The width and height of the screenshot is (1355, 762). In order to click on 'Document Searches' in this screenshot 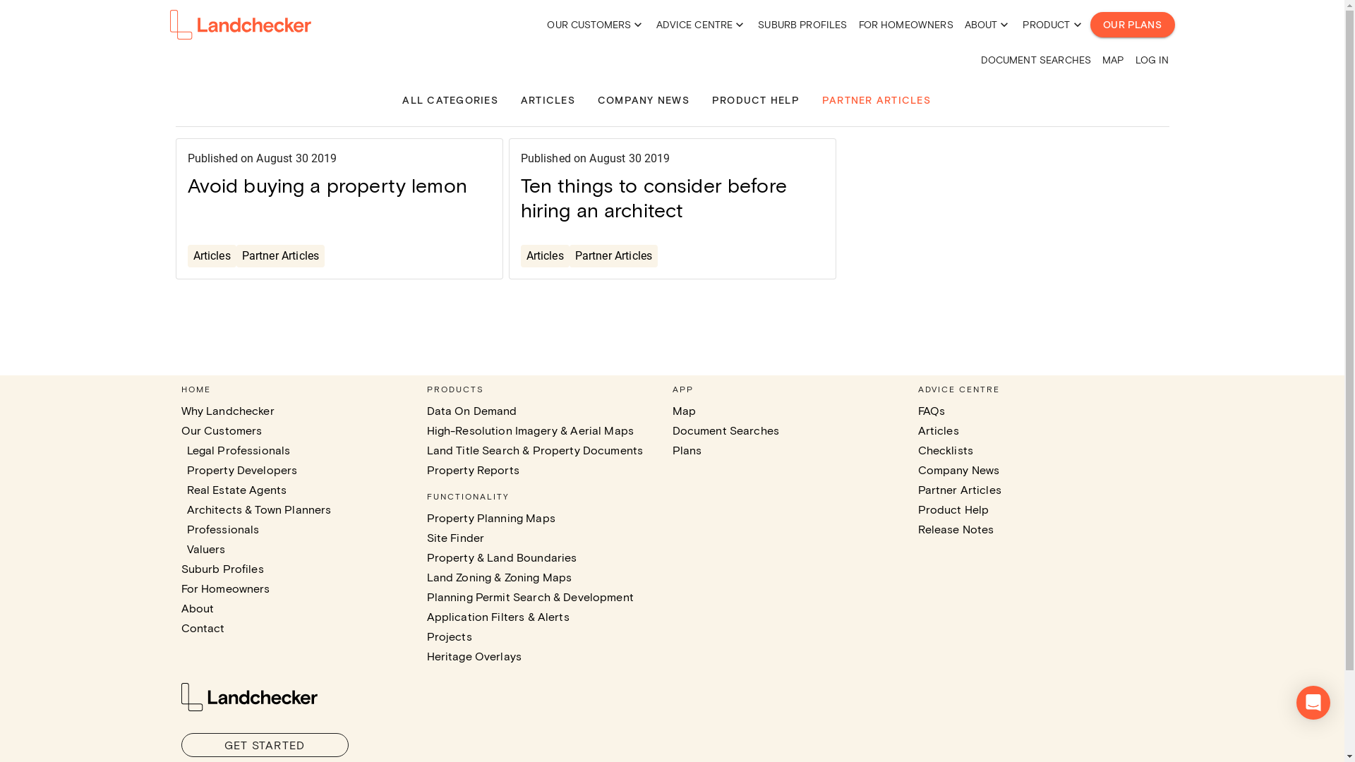, I will do `click(725, 430)`.